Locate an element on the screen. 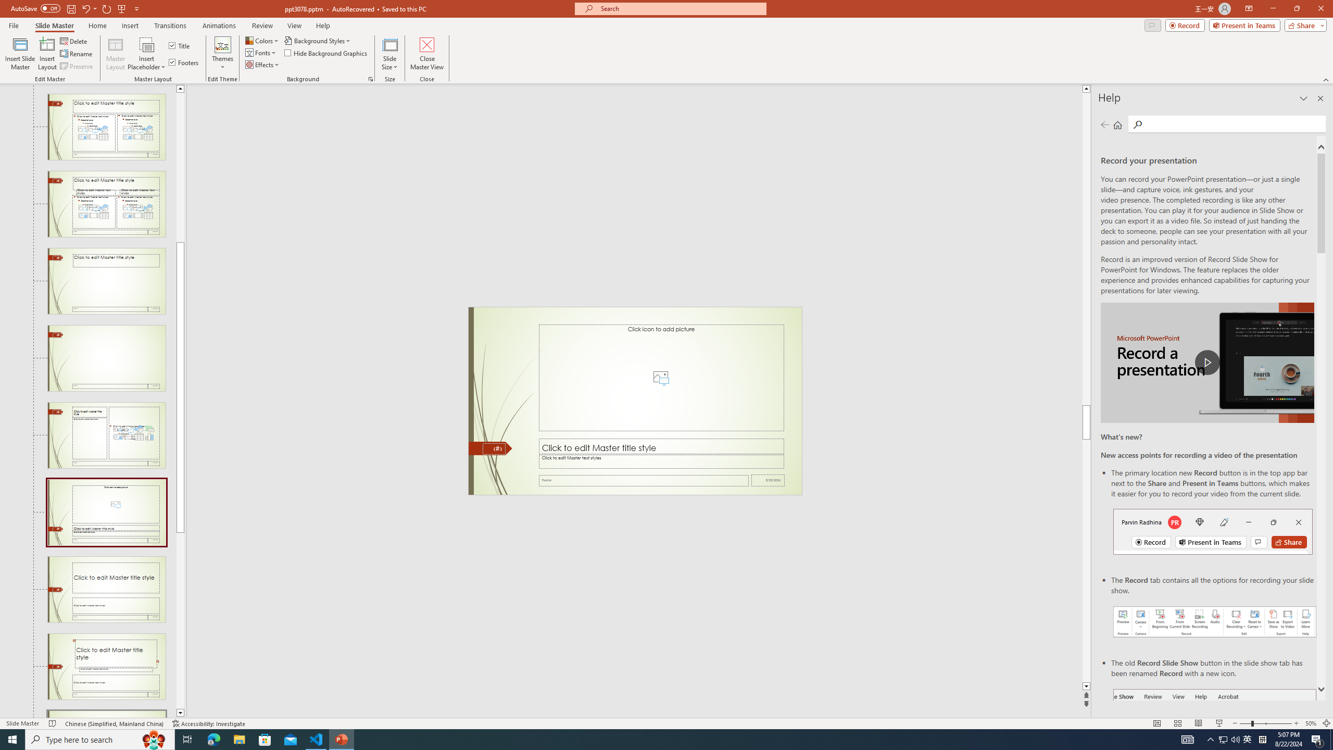 The image size is (1333, 750). 'Preserve' is located at coordinates (77, 66).